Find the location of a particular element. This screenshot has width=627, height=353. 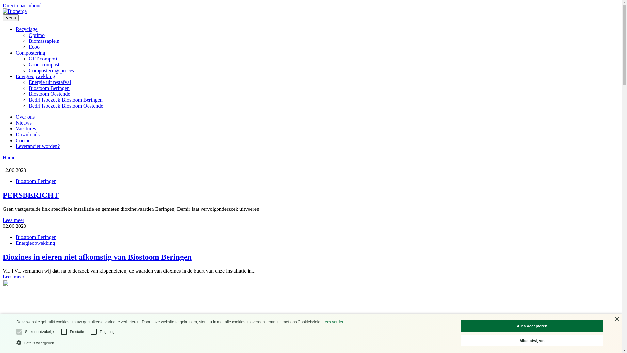

'Nieuws' is located at coordinates (24, 123).